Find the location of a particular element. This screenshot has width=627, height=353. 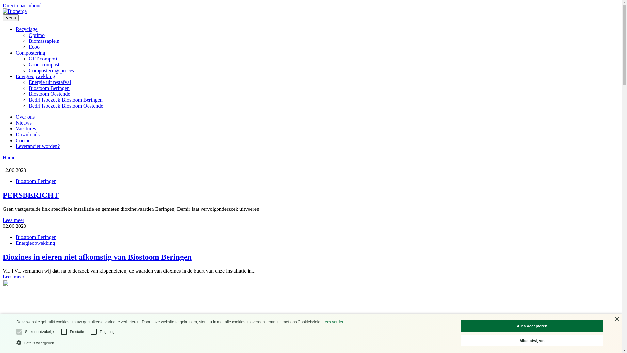

'Nieuws' is located at coordinates (24, 123).